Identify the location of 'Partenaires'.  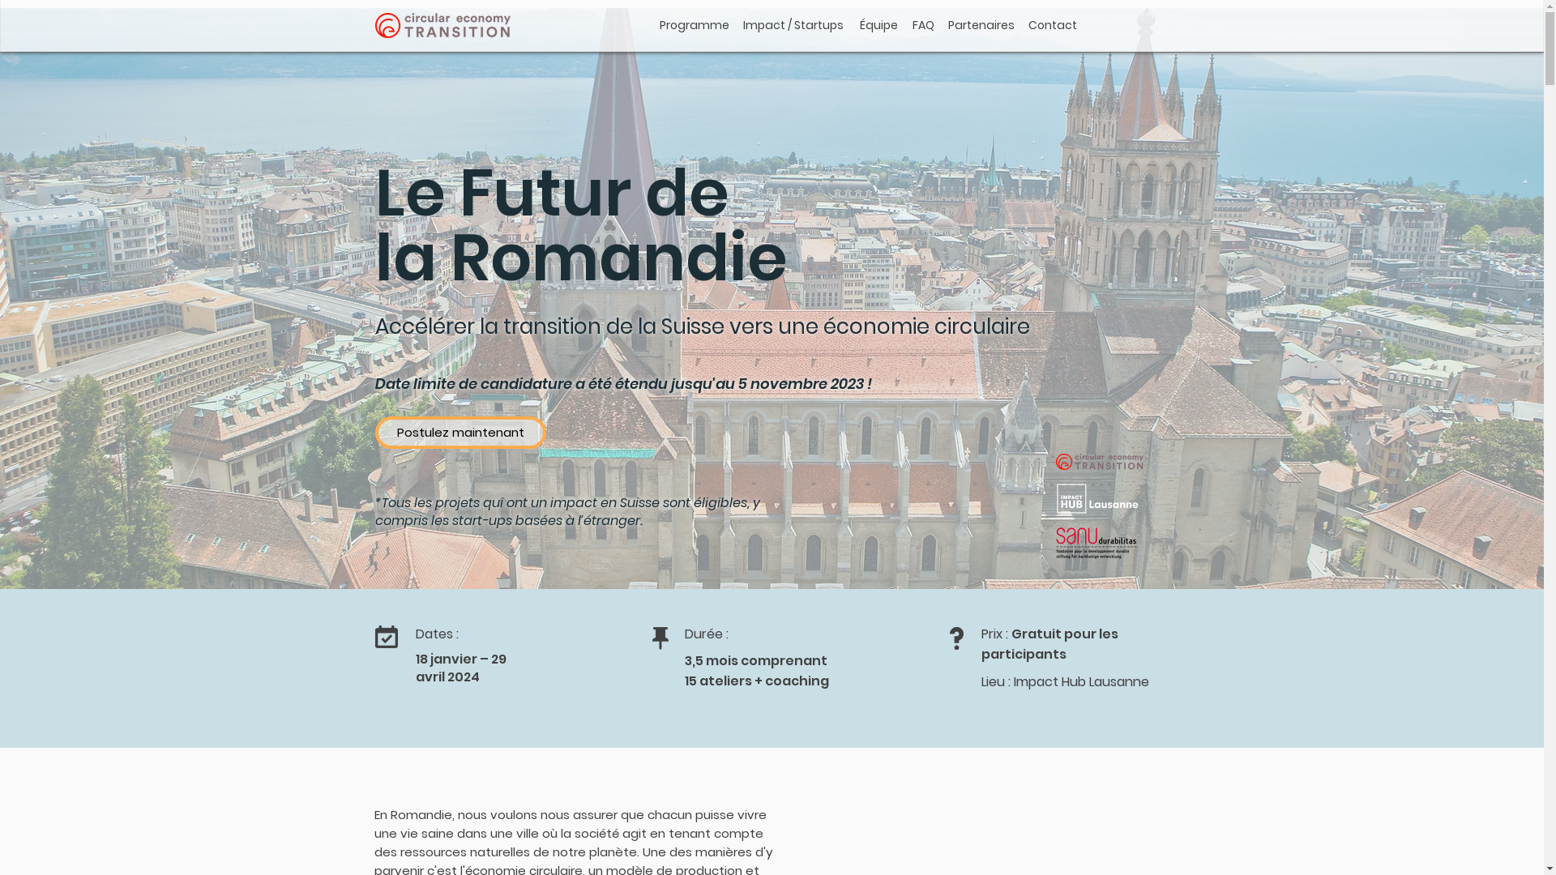
(980, 24).